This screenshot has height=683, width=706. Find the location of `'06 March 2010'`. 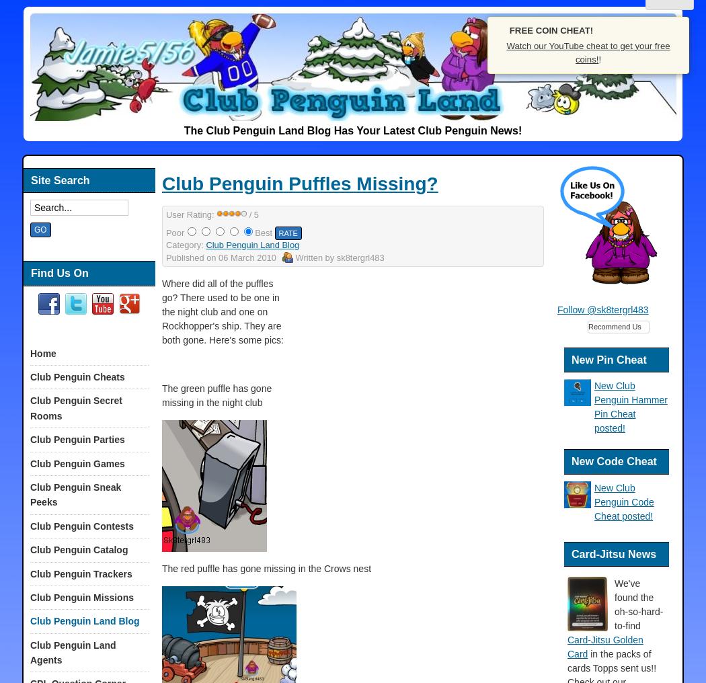

'06 March 2010' is located at coordinates (246, 256).